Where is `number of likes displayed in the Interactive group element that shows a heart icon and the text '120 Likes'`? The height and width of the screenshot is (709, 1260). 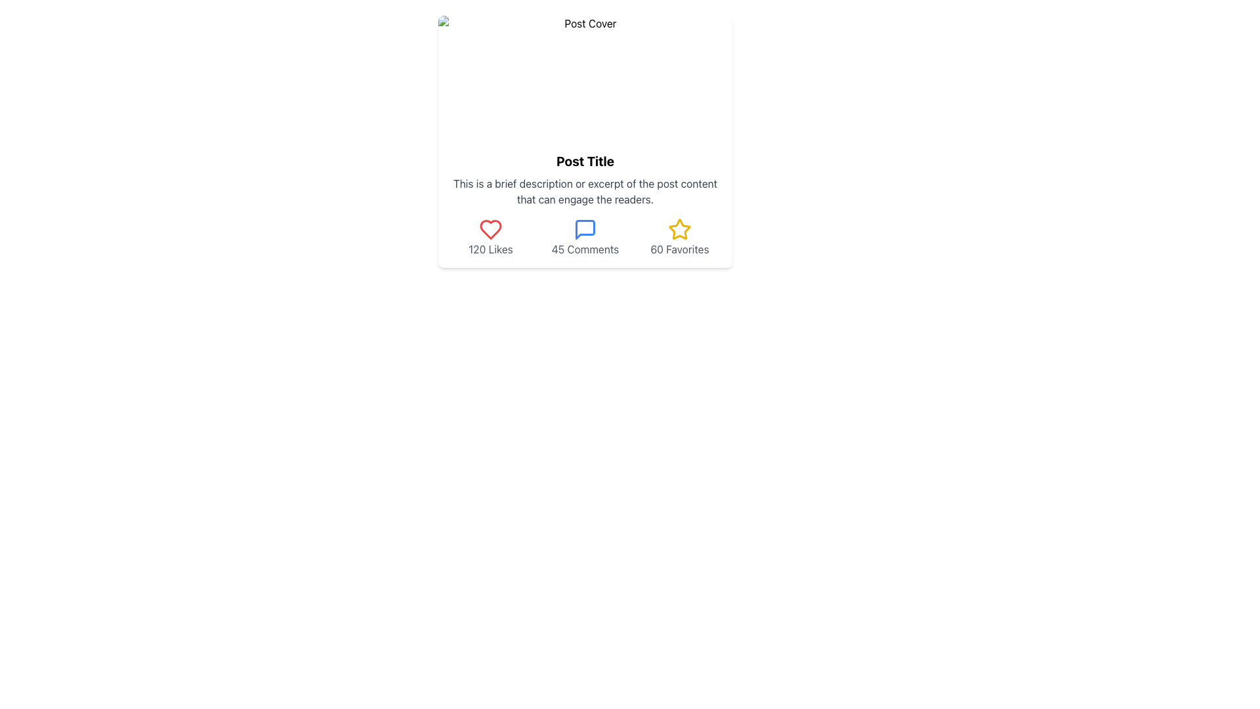 number of likes displayed in the Interactive group element that shows a heart icon and the text '120 Likes' is located at coordinates (490, 238).